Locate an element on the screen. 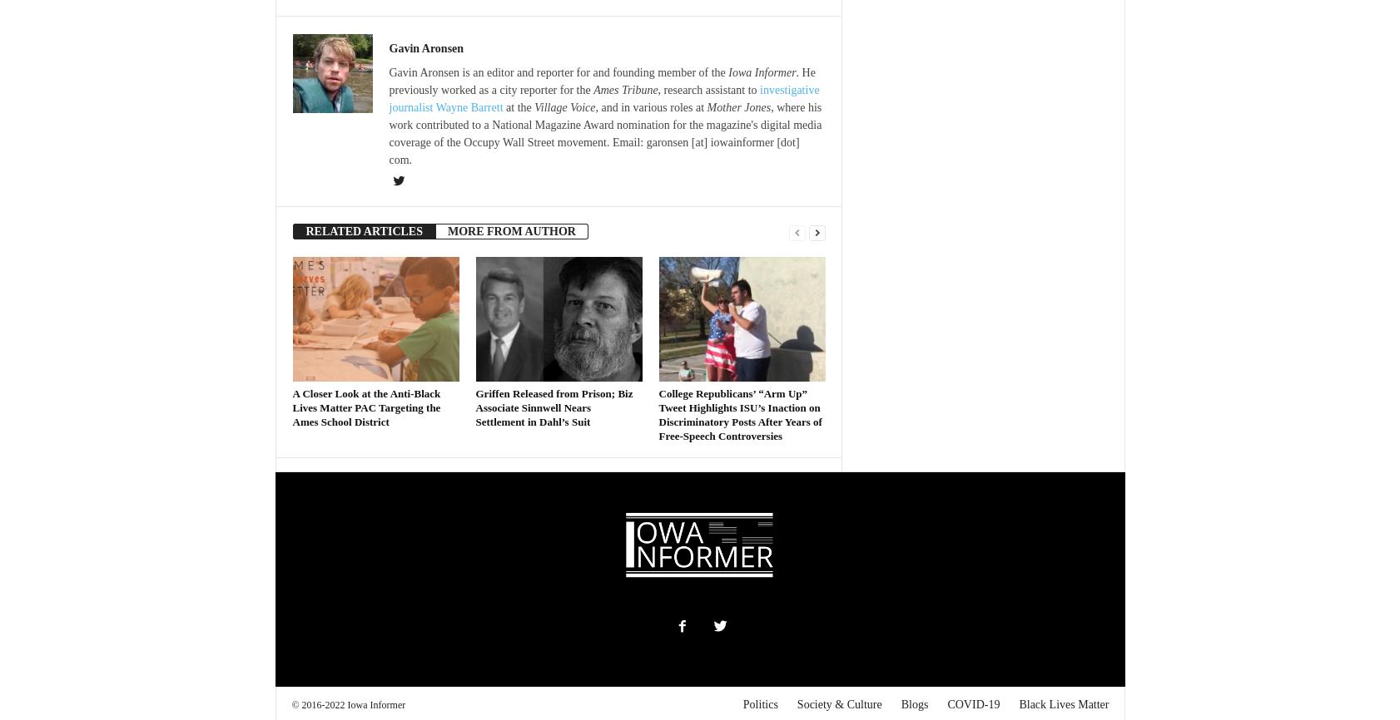 The height and width of the screenshot is (720, 1400). 'COVID-19' is located at coordinates (972, 703).